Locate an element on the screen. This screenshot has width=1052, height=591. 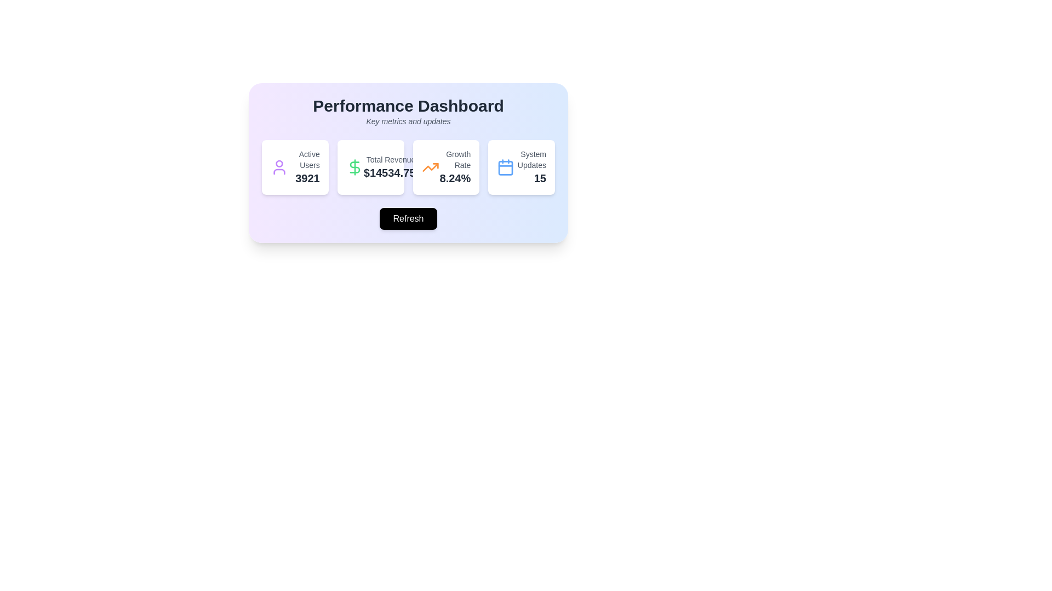
the informational text display showing the growth rate value ('8.24%') associated with the label ('Growth Rate') located in the rightmost card of the dashboard is located at coordinates (455, 167).